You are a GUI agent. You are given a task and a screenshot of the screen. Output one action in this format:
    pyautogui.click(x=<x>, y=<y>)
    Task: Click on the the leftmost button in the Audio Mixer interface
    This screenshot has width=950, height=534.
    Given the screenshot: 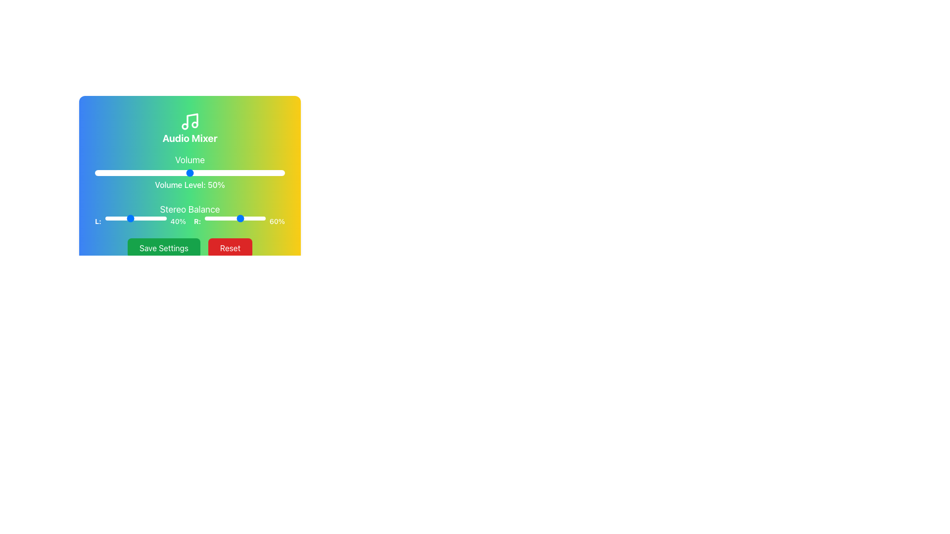 What is the action you would take?
    pyautogui.click(x=164, y=247)
    